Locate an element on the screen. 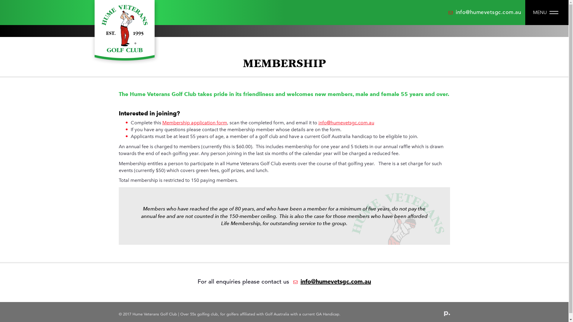  'info@humevetsgc.com.au' is located at coordinates (330, 281).